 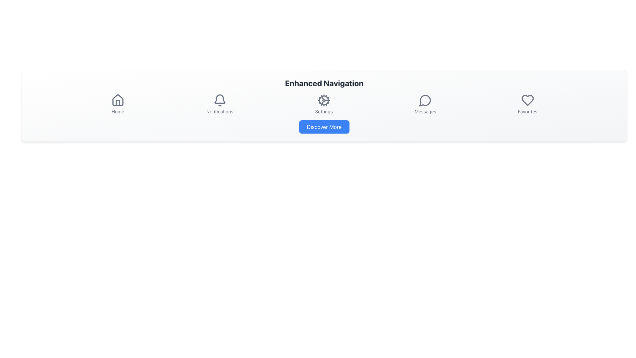 What do you see at coordinates (425, 111) in the screenshot?
I see `the text label located beneath the speech-bubble icon of the fifth navigation button from the left in the horizontal navigation bar` at bounding box center [425, 111].